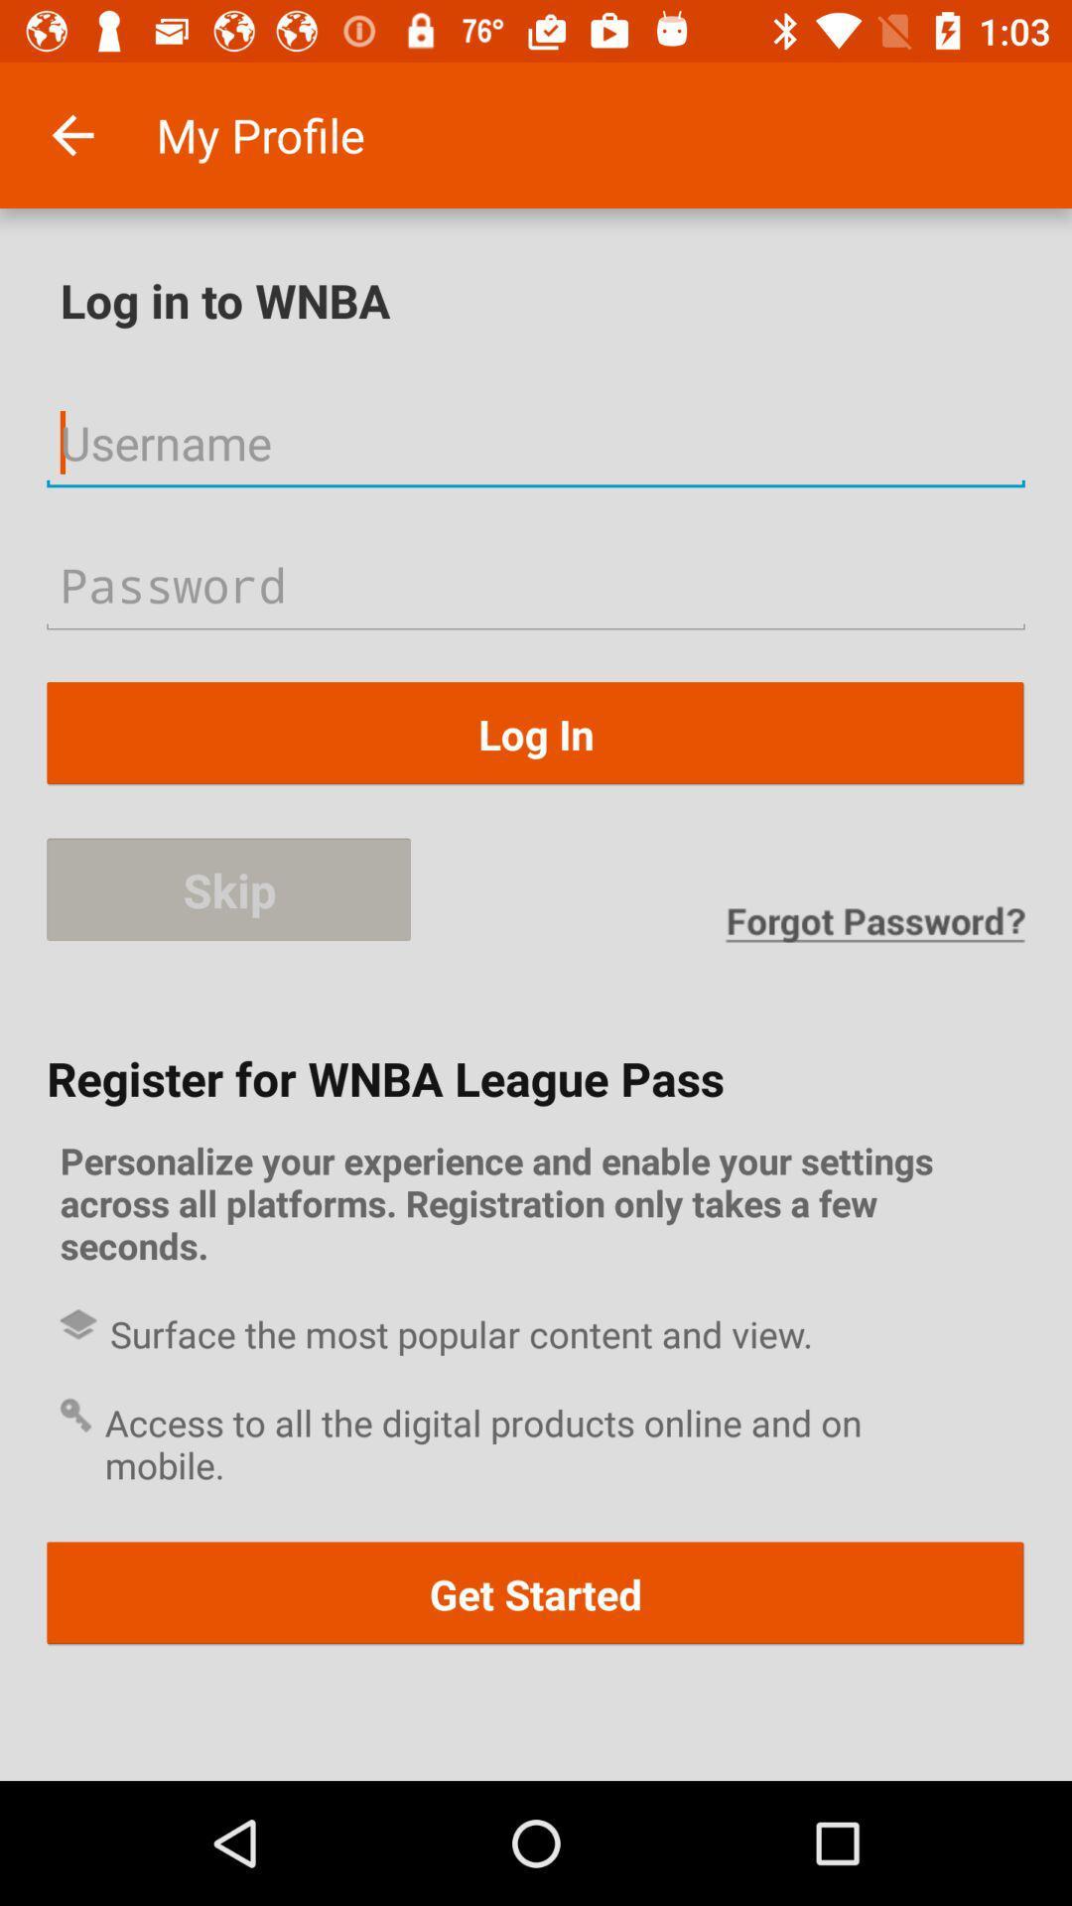 Image resolution: width=1072 pixels, height=1906 pixels. Describe the element at coordinates (536, 584) in the screenshot. I see `input password` at that location.